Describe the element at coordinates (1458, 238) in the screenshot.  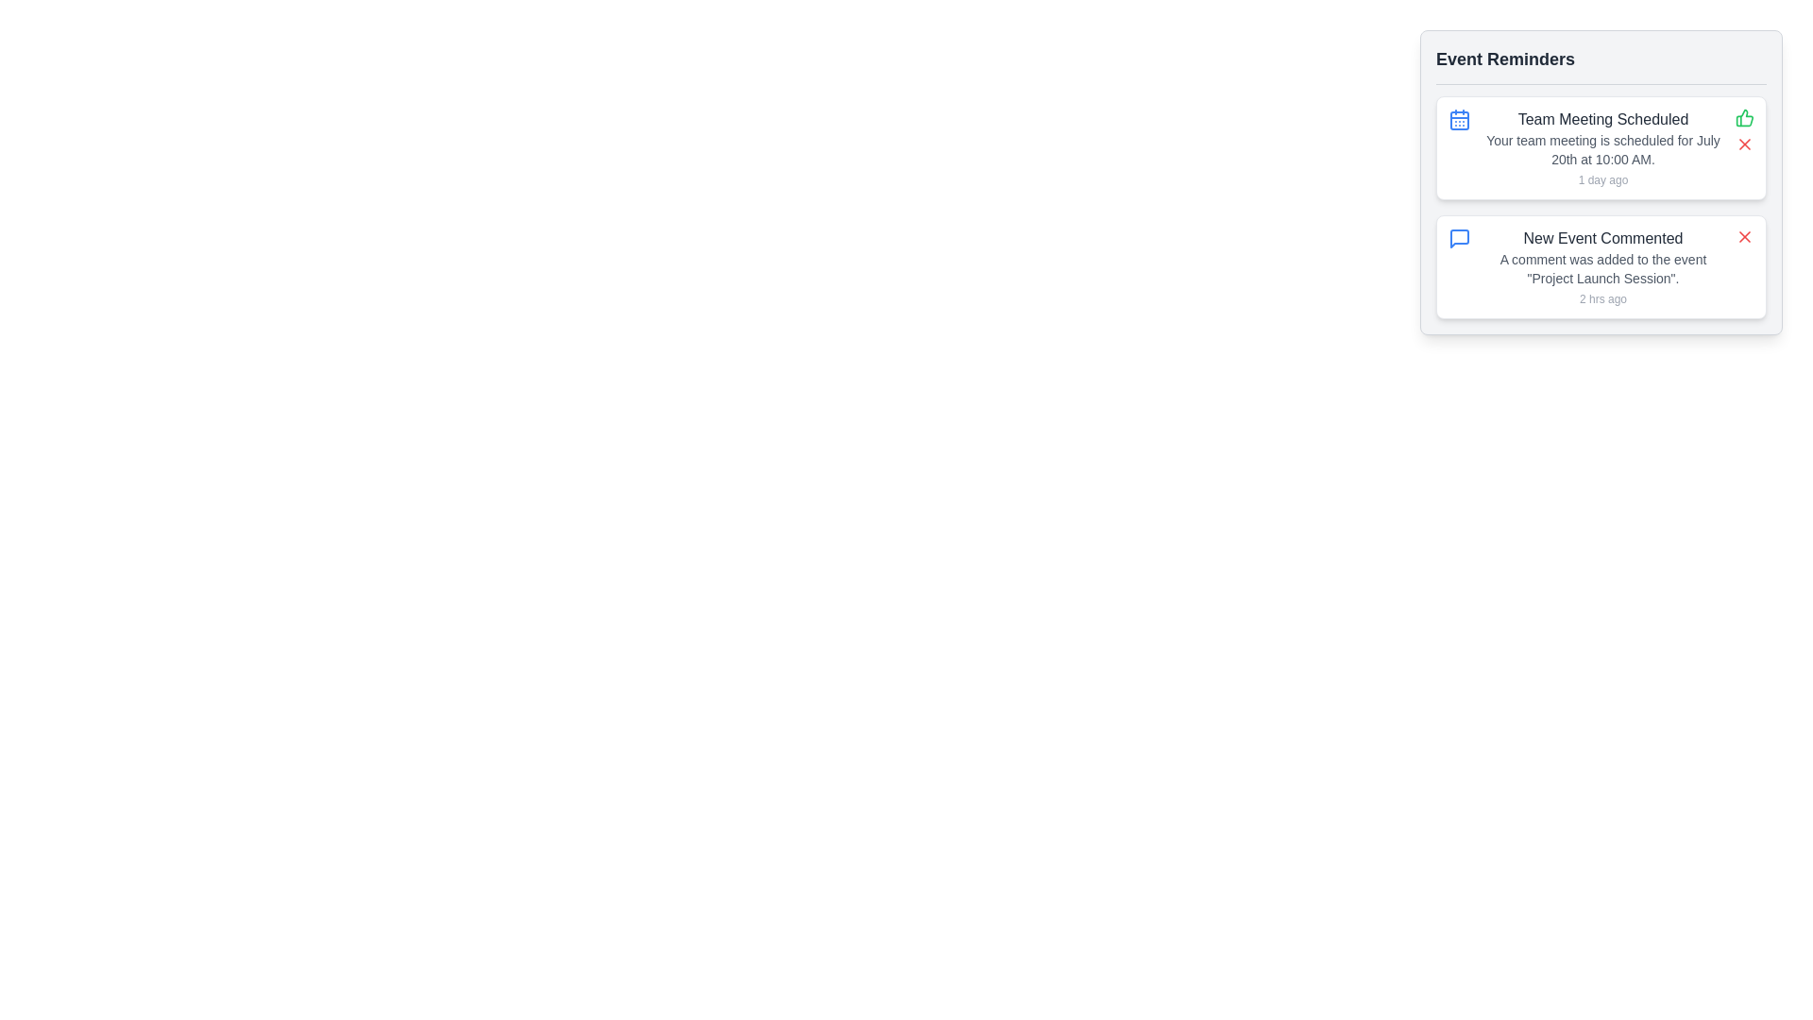
I see `the notification icon indicating a comment or message for the 'New Event Commented' notification located at the top-left corner of its block` at that location.